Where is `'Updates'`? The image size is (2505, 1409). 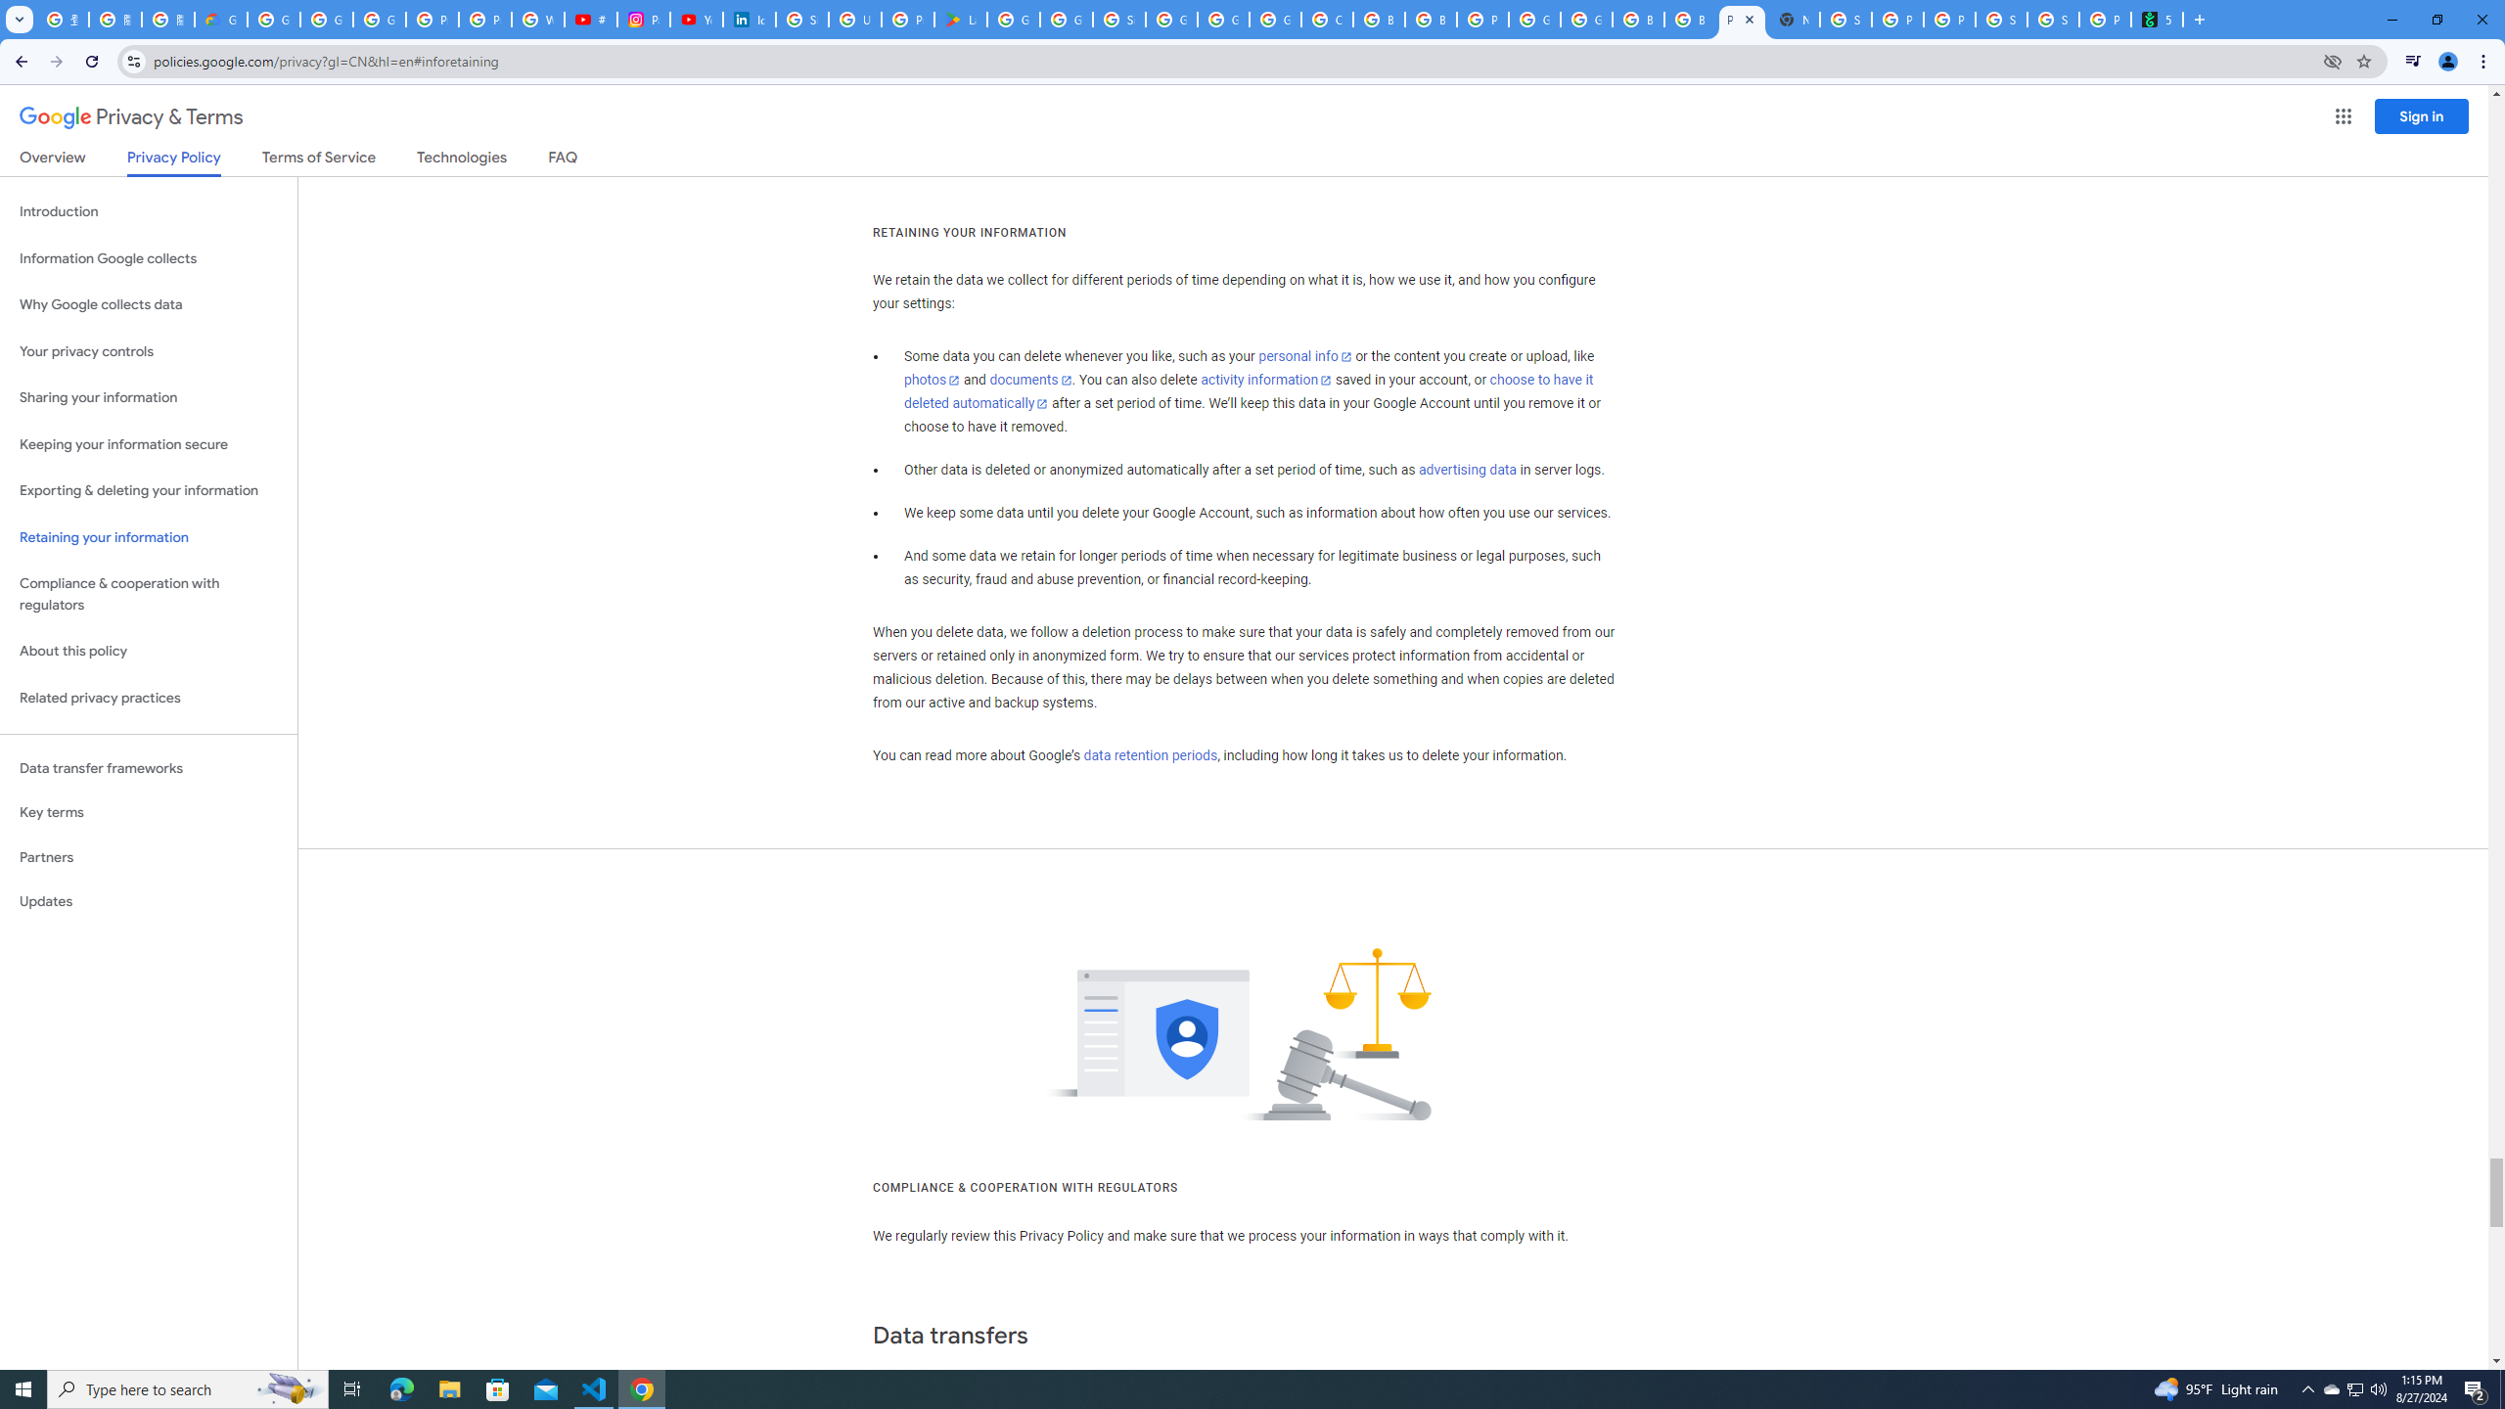 'Updates' is located at coordinates (148, 900).